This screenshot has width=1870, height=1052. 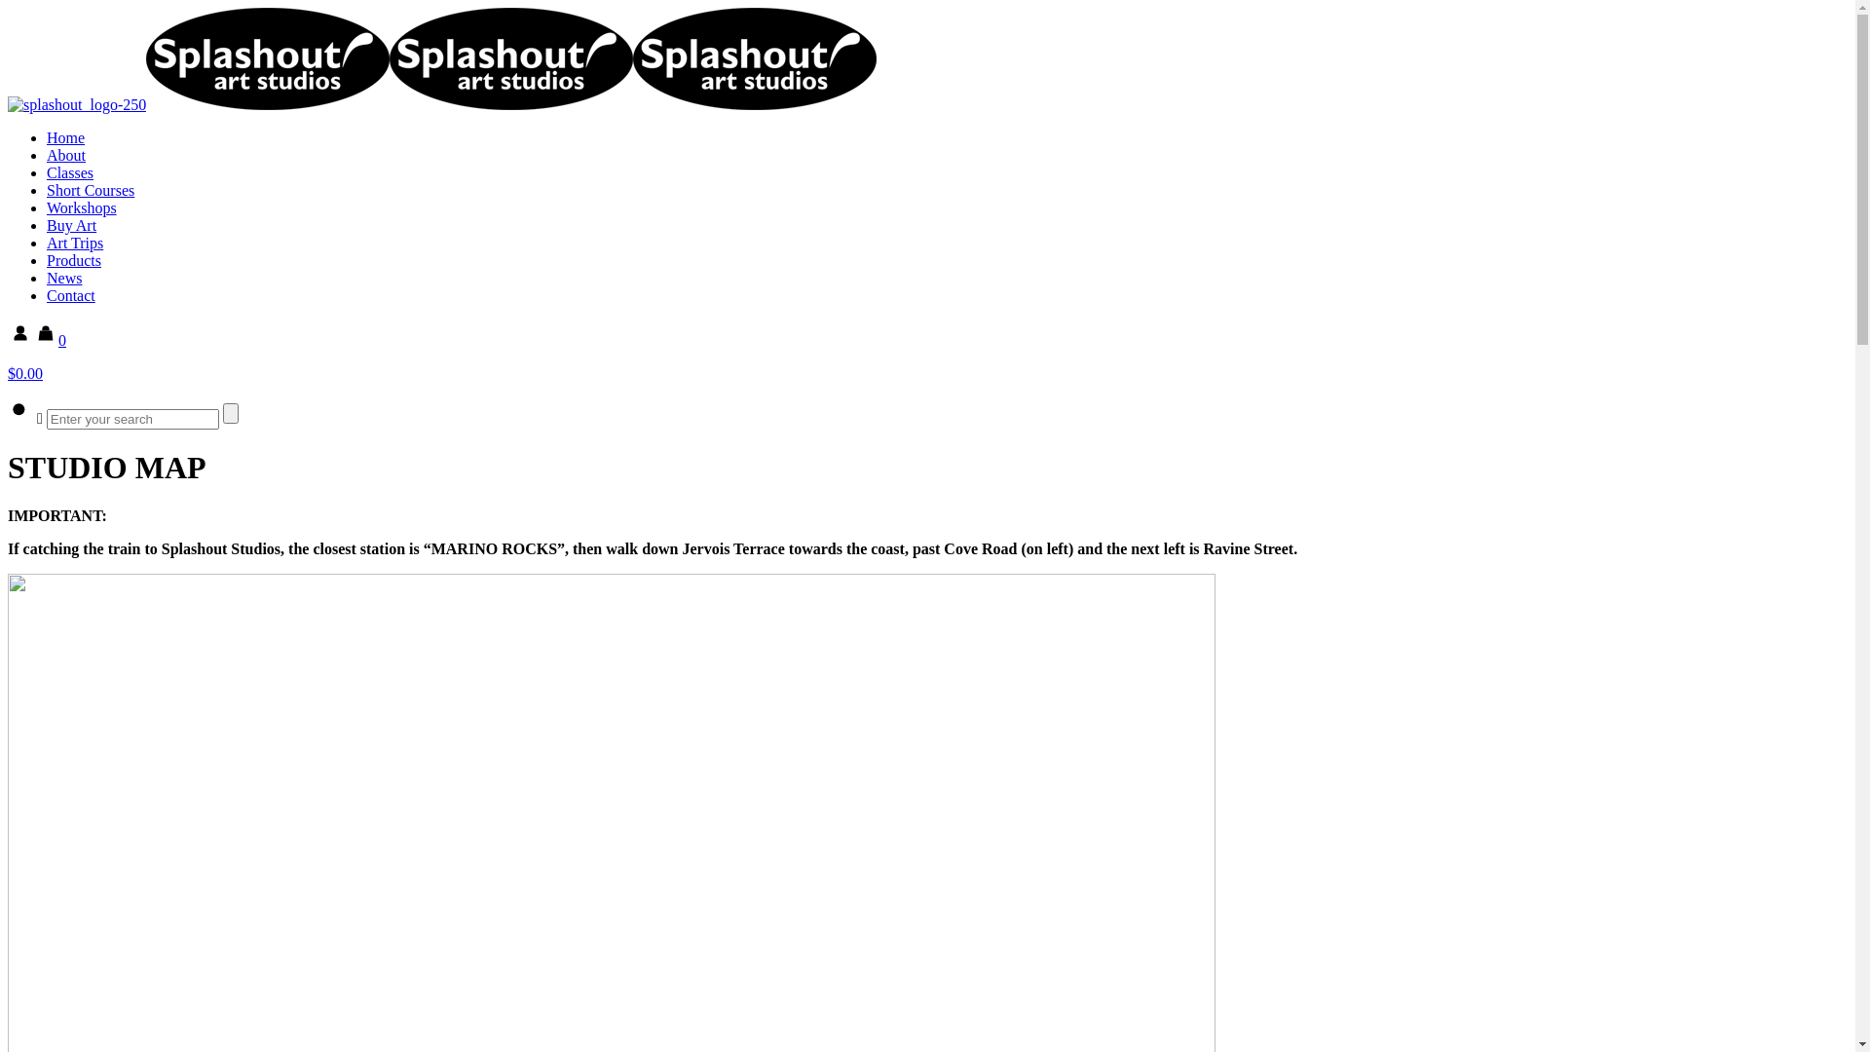 What do you see at coordinates (71, 224) in the screenshot?
I see `'Buy Art'` at bounding box center [71, 224].